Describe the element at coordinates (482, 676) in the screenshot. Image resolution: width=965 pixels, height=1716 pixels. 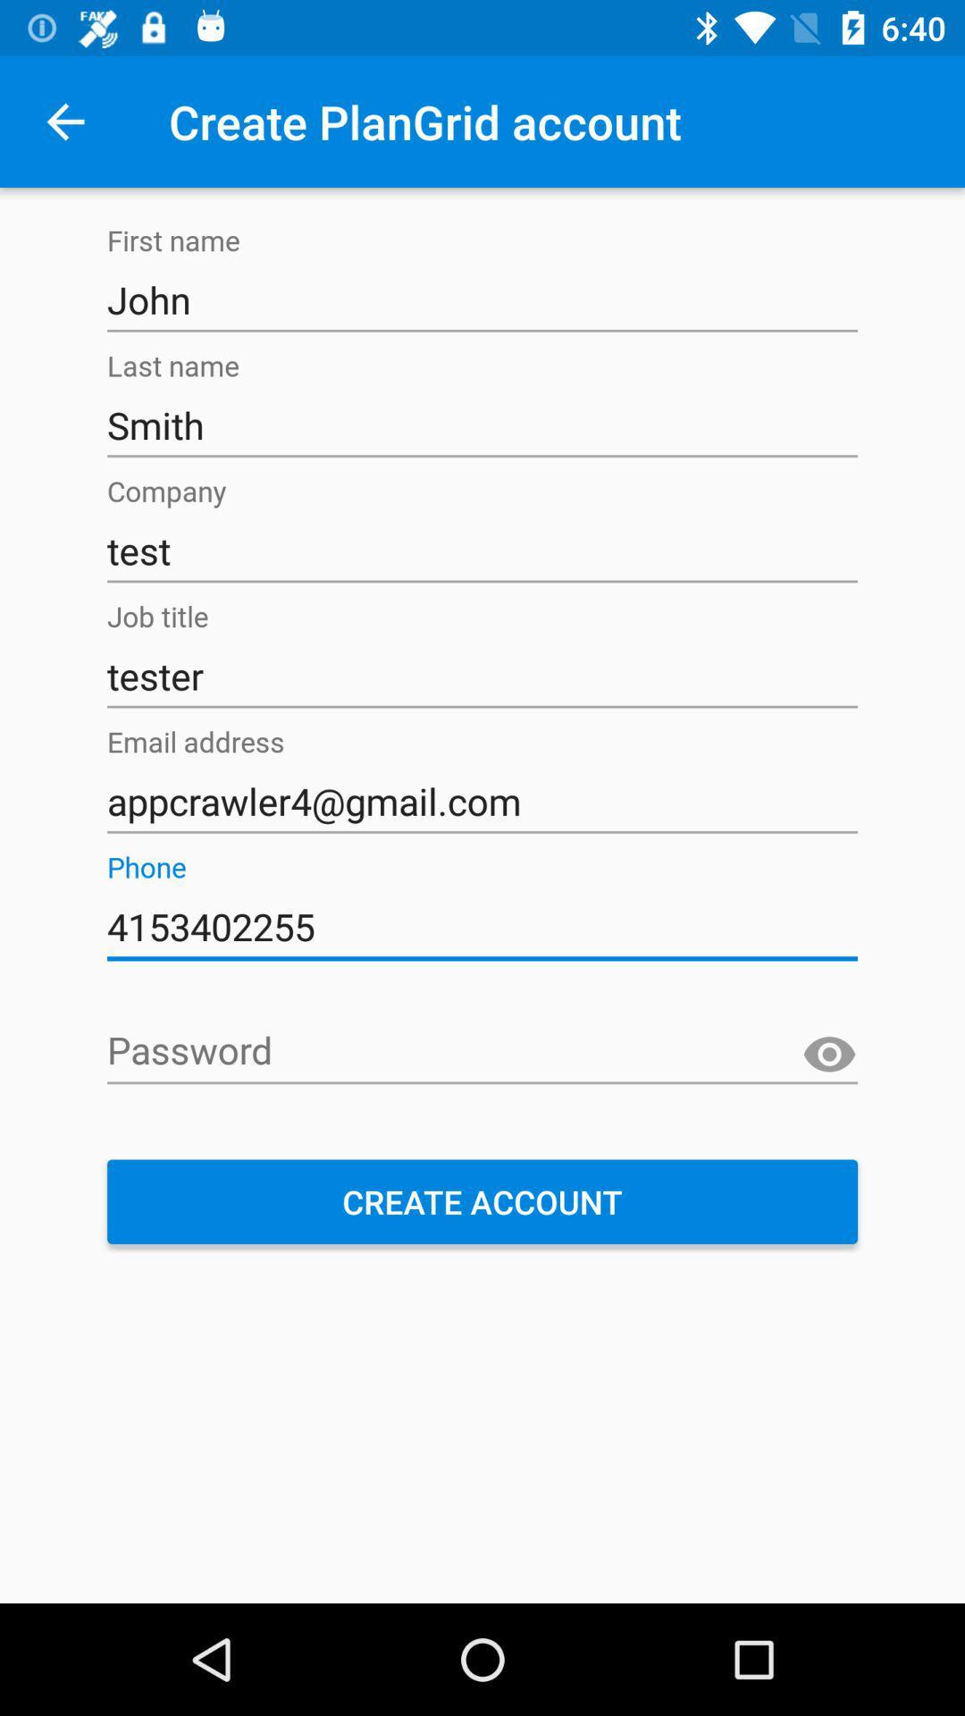
I see `item below test icon` at that location.